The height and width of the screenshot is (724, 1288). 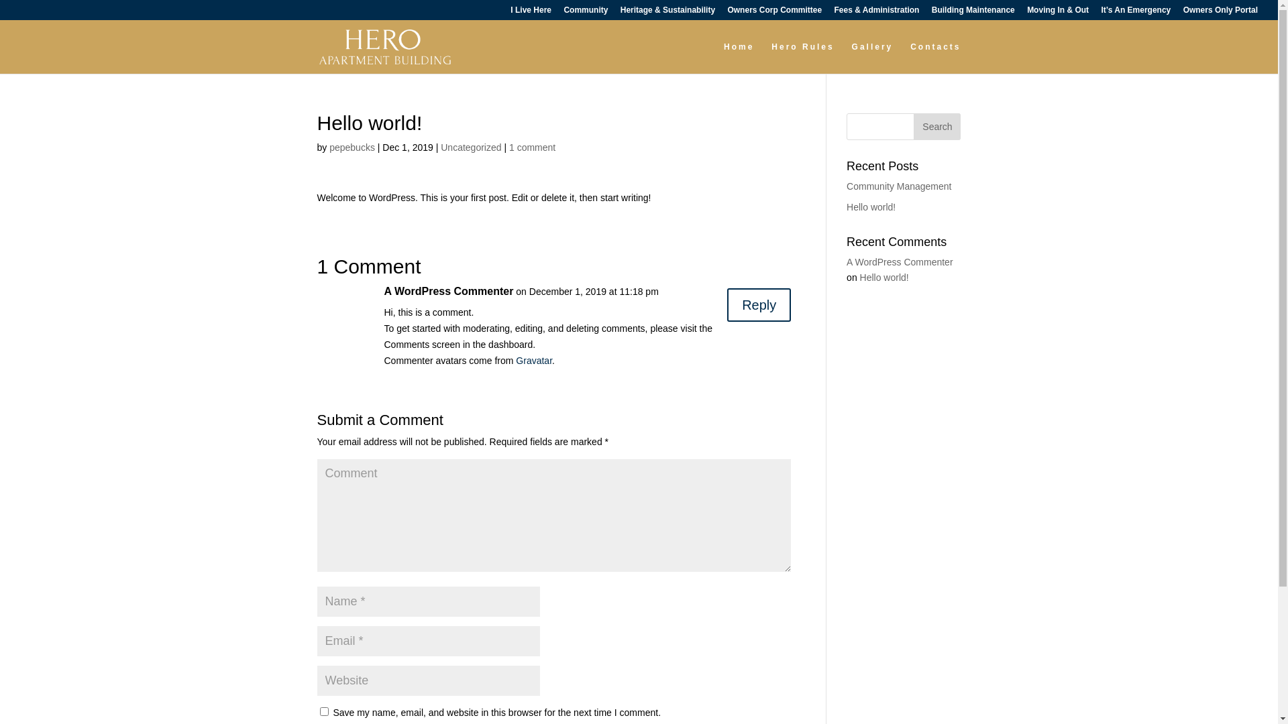 What do you see at coordinates (620, 13) in the screenshot?
I see `'Heritage & Sustainability'` at bounding box center [620, 13].